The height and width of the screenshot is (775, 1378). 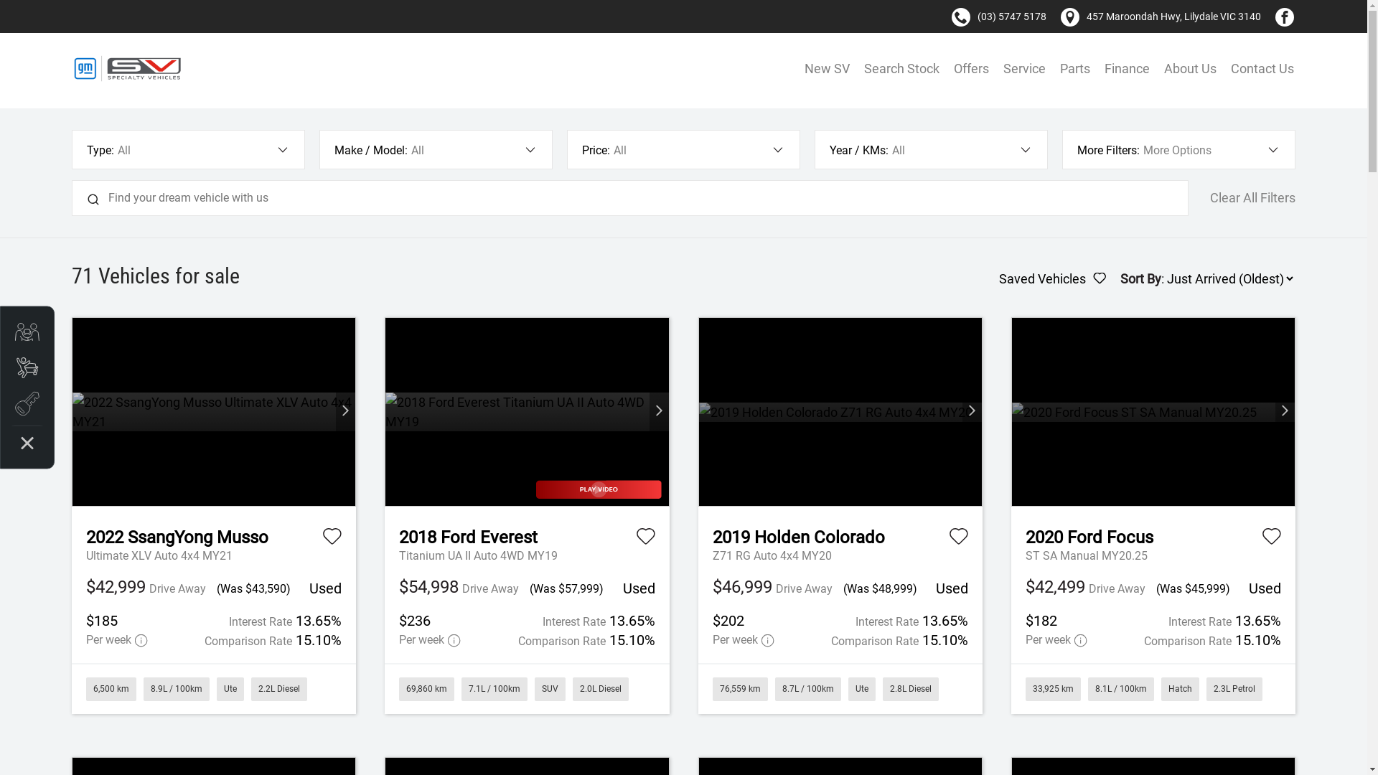 What do you see at coordinates (1052, 278) in the screenshot?
I see `'Saved Vehicles'` at bounding box center [1052, 278].